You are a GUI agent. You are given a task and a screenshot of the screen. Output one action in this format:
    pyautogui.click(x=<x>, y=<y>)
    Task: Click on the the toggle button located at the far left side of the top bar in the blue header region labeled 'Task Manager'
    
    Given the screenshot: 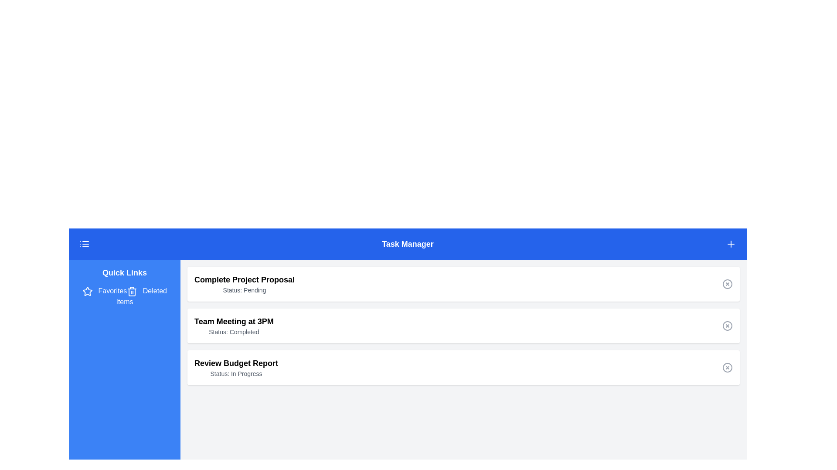 What is the action you would take?
    pyautogui.click(x=84, y=244)
    